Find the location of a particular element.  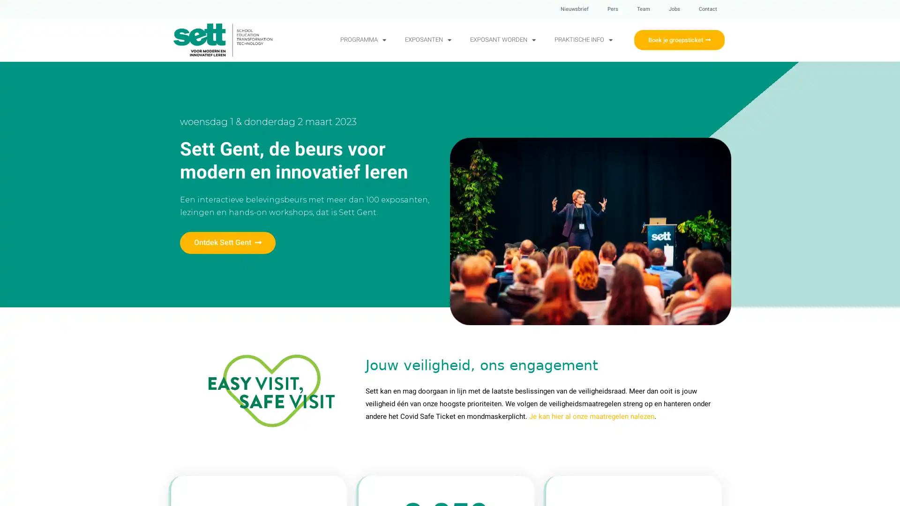

Boek je groepsticket is located at coordinates (679, 39).